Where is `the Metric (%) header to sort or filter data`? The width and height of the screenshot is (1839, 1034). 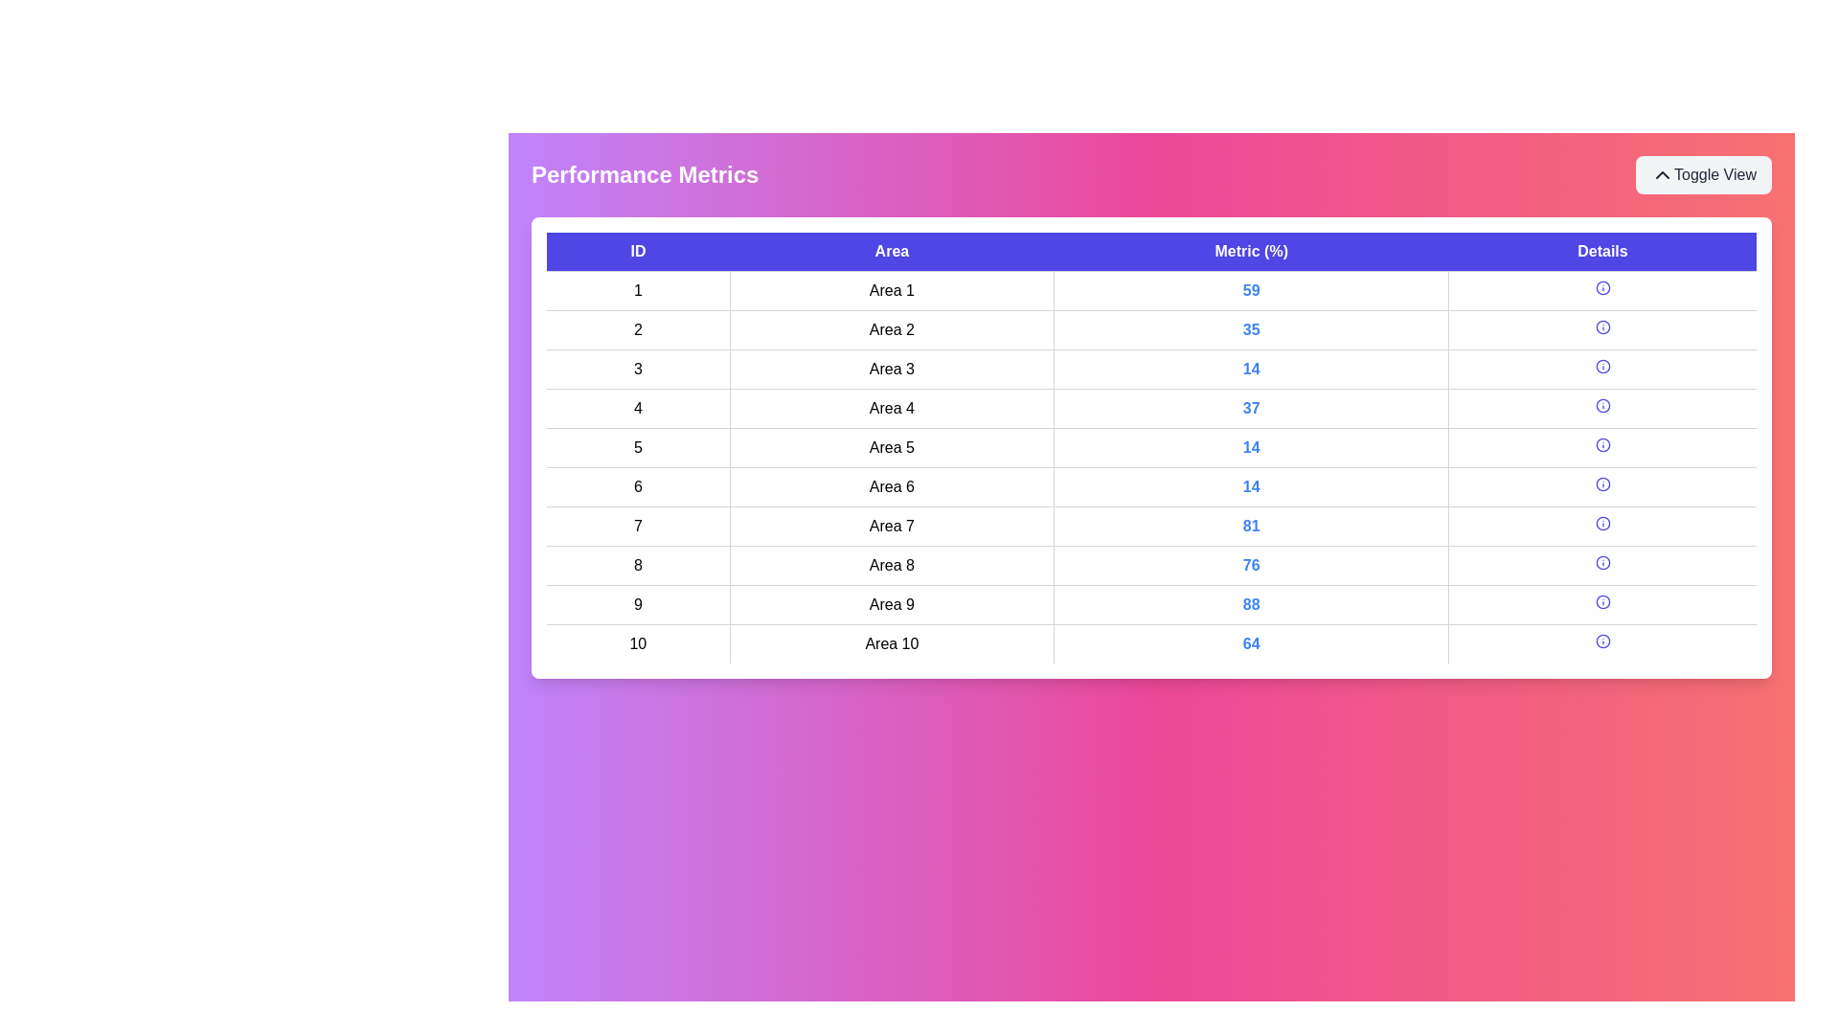 the Metric (%) header to sort or filter data is located at coordinates (1251, 251).